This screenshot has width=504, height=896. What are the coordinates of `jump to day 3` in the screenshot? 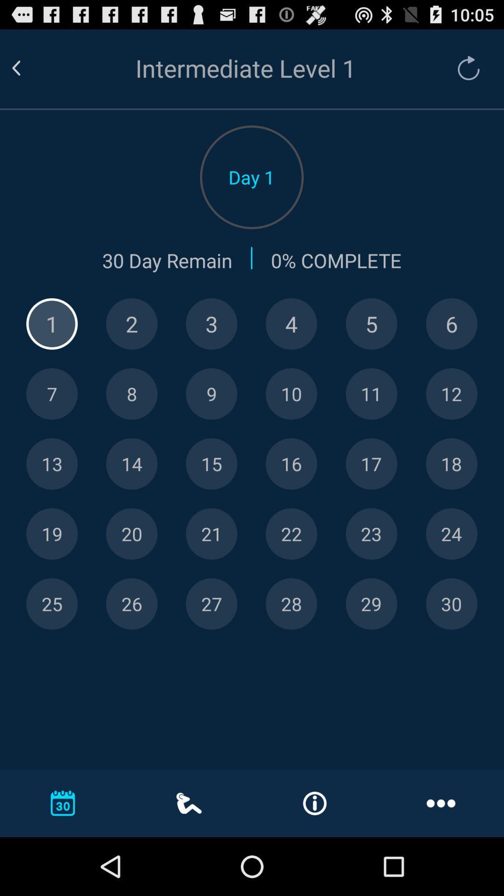 It's located at (211, 324).